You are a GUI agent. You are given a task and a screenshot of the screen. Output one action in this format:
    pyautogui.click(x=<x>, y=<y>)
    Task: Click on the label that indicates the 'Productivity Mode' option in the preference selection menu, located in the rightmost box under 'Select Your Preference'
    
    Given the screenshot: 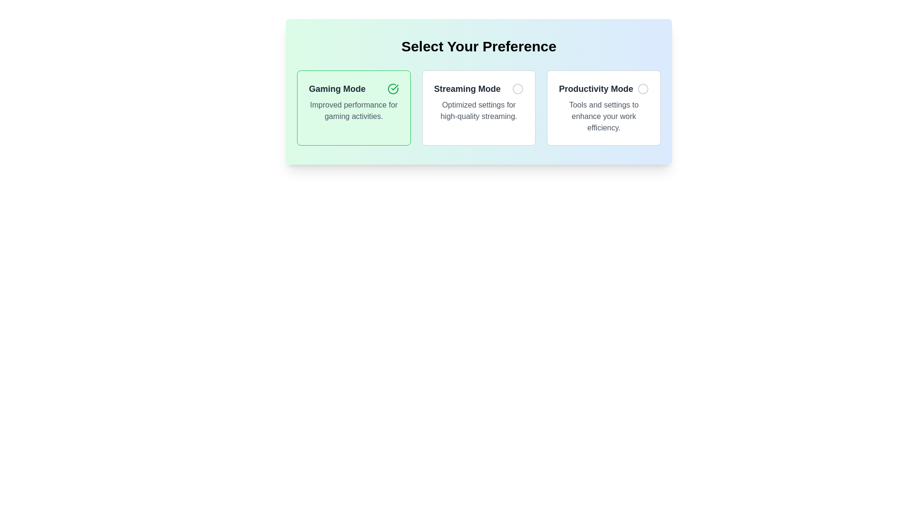 What is the action you would take?
    pyautogui.click(x=596, y=89)
    